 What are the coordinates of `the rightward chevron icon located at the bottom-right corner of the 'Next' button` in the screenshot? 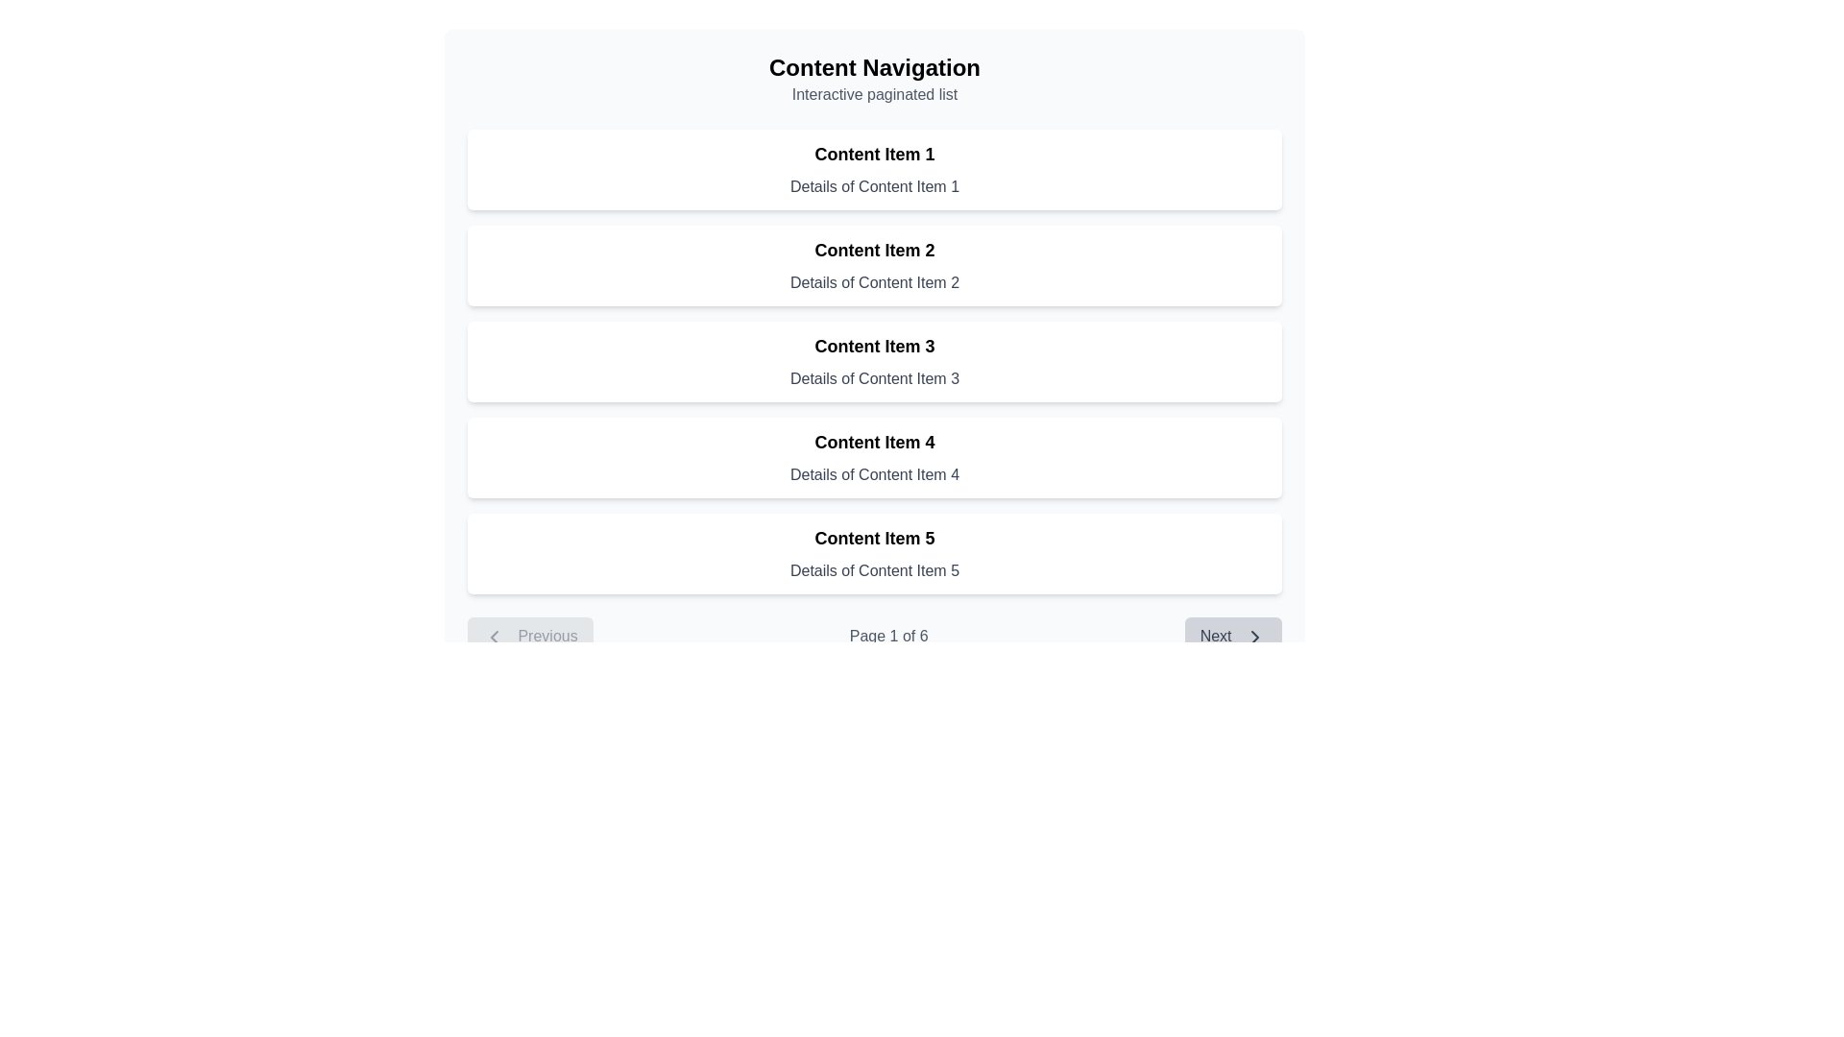 It's located at (1254, 637).